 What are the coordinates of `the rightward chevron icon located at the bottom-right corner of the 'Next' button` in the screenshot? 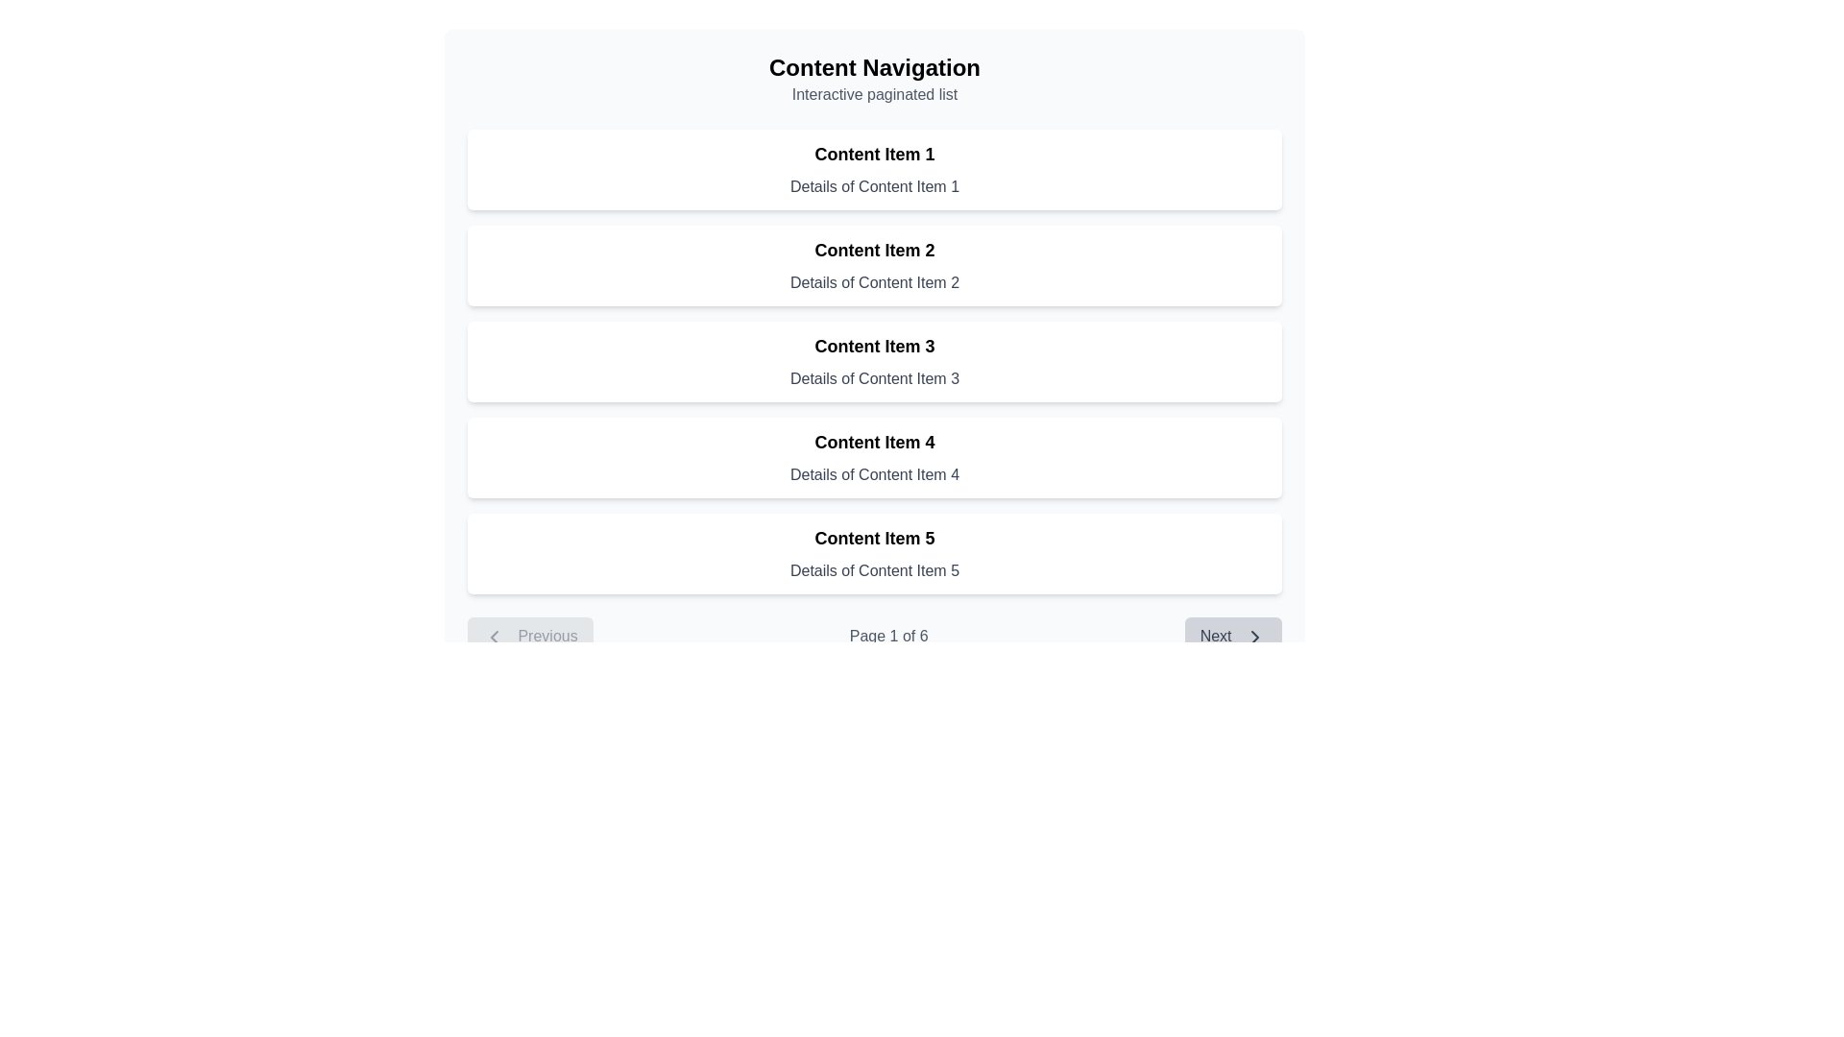 It's located at (1254, 637).